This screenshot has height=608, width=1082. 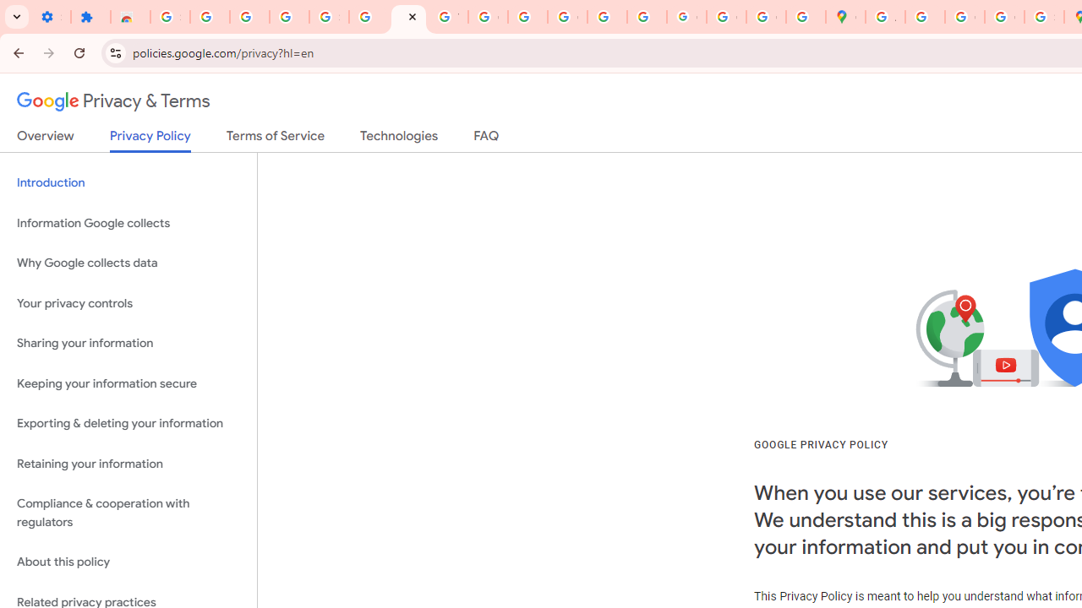 I want to click on 'Google Maps', so click(x=845, y=17).